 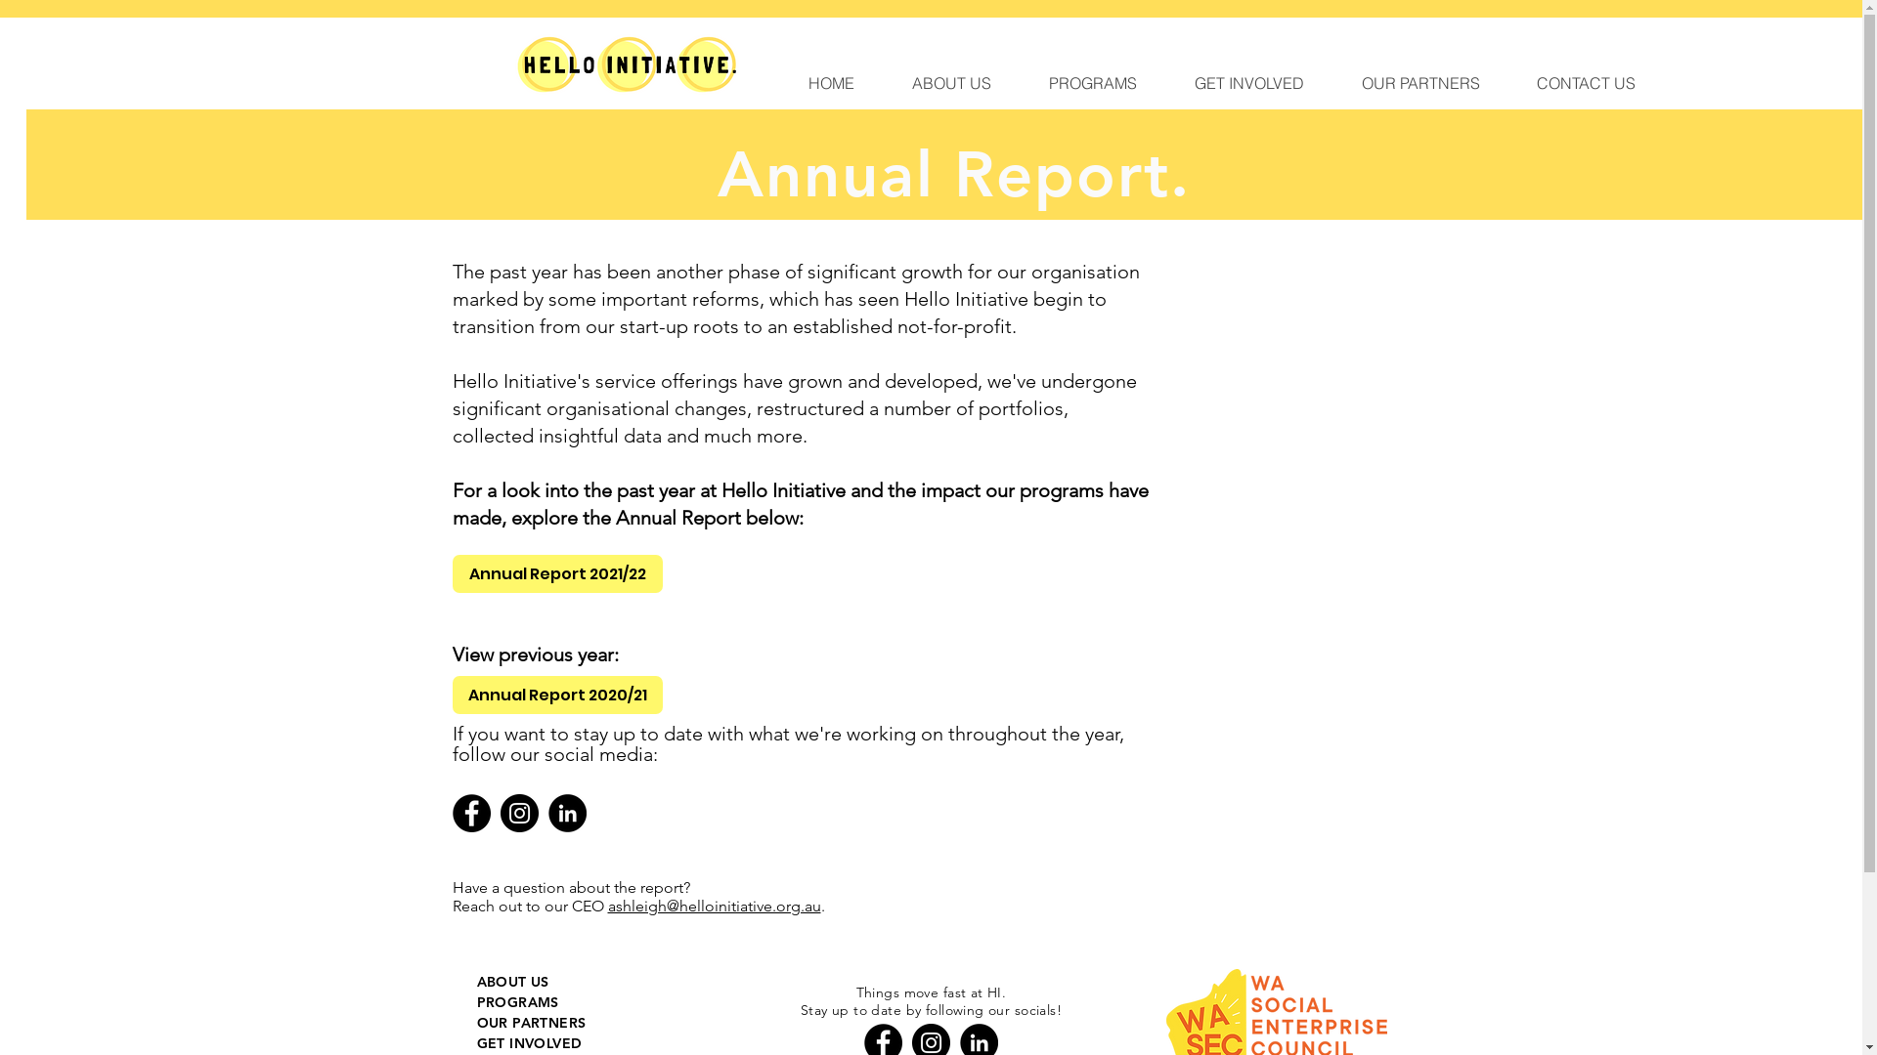 I want to click on 'PROGRAMS', so click(x=517, y=1002).